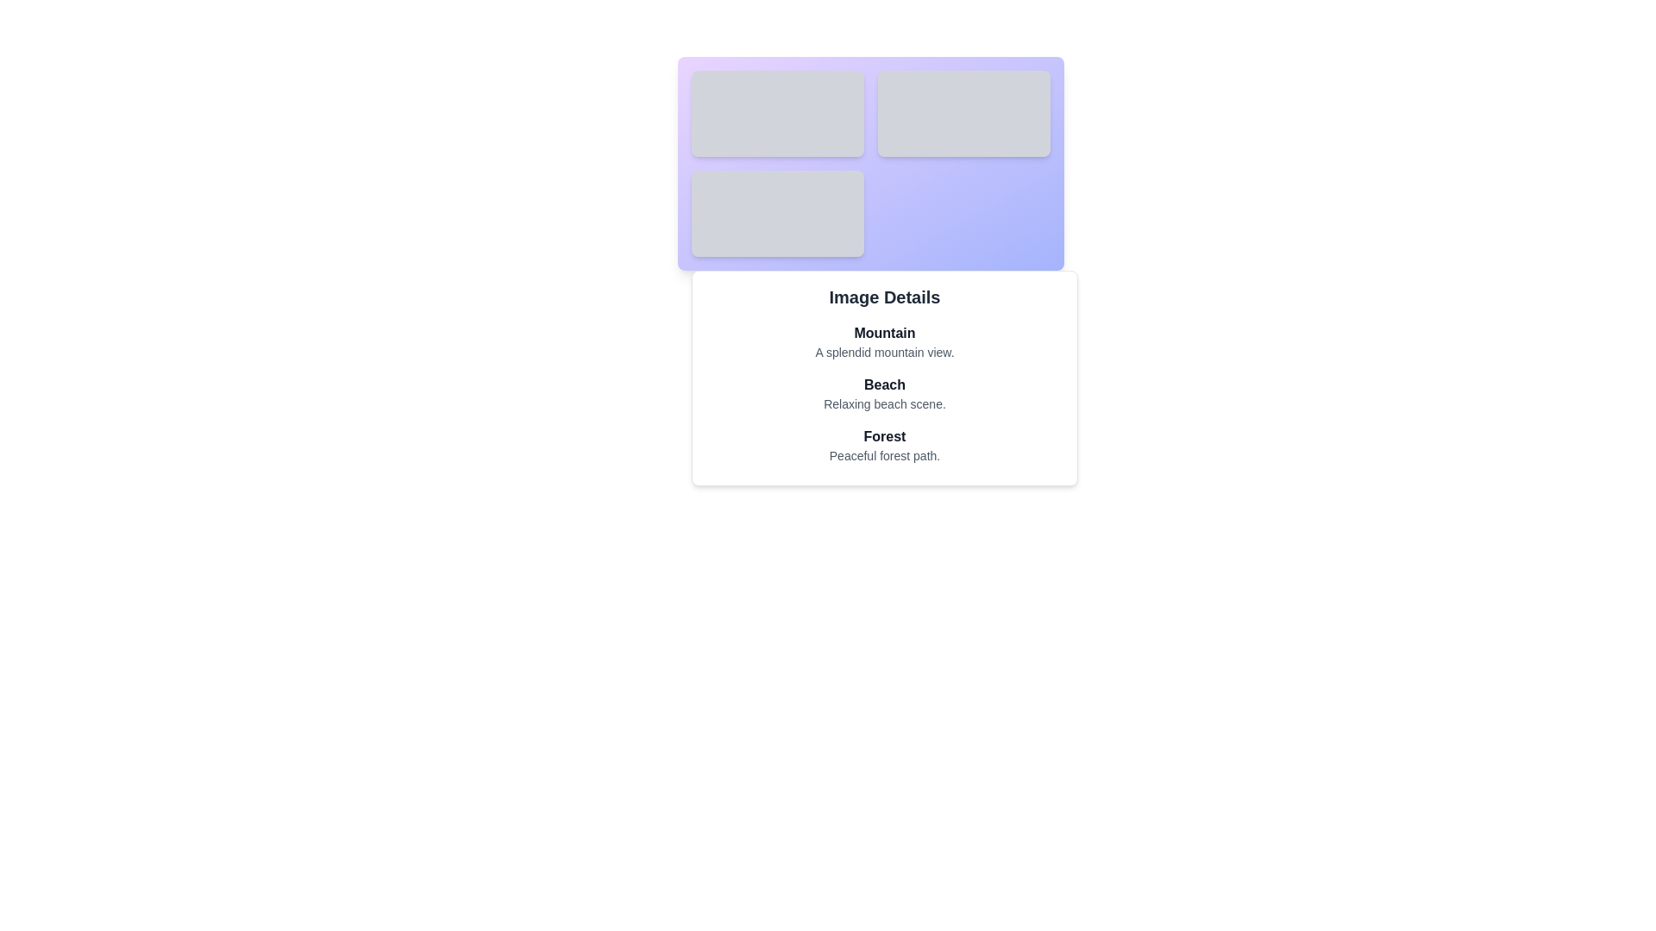  Describe the element at coordinates (870, 163) in the screenshot. I see `the card-like UI element with a gradient background transitioning from purple to indigo, which is positioned at the top of the interface and is centered horizontally above the 'Image Details' section` at that location.